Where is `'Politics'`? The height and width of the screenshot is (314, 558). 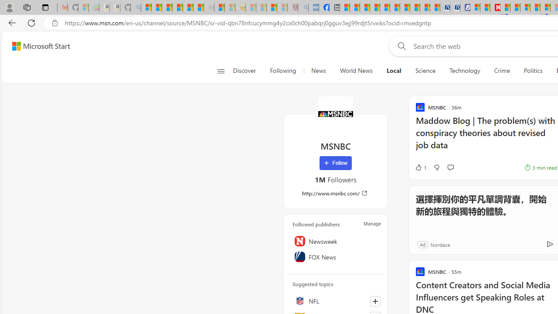 'Politics' is located at coordinates (533, 71).